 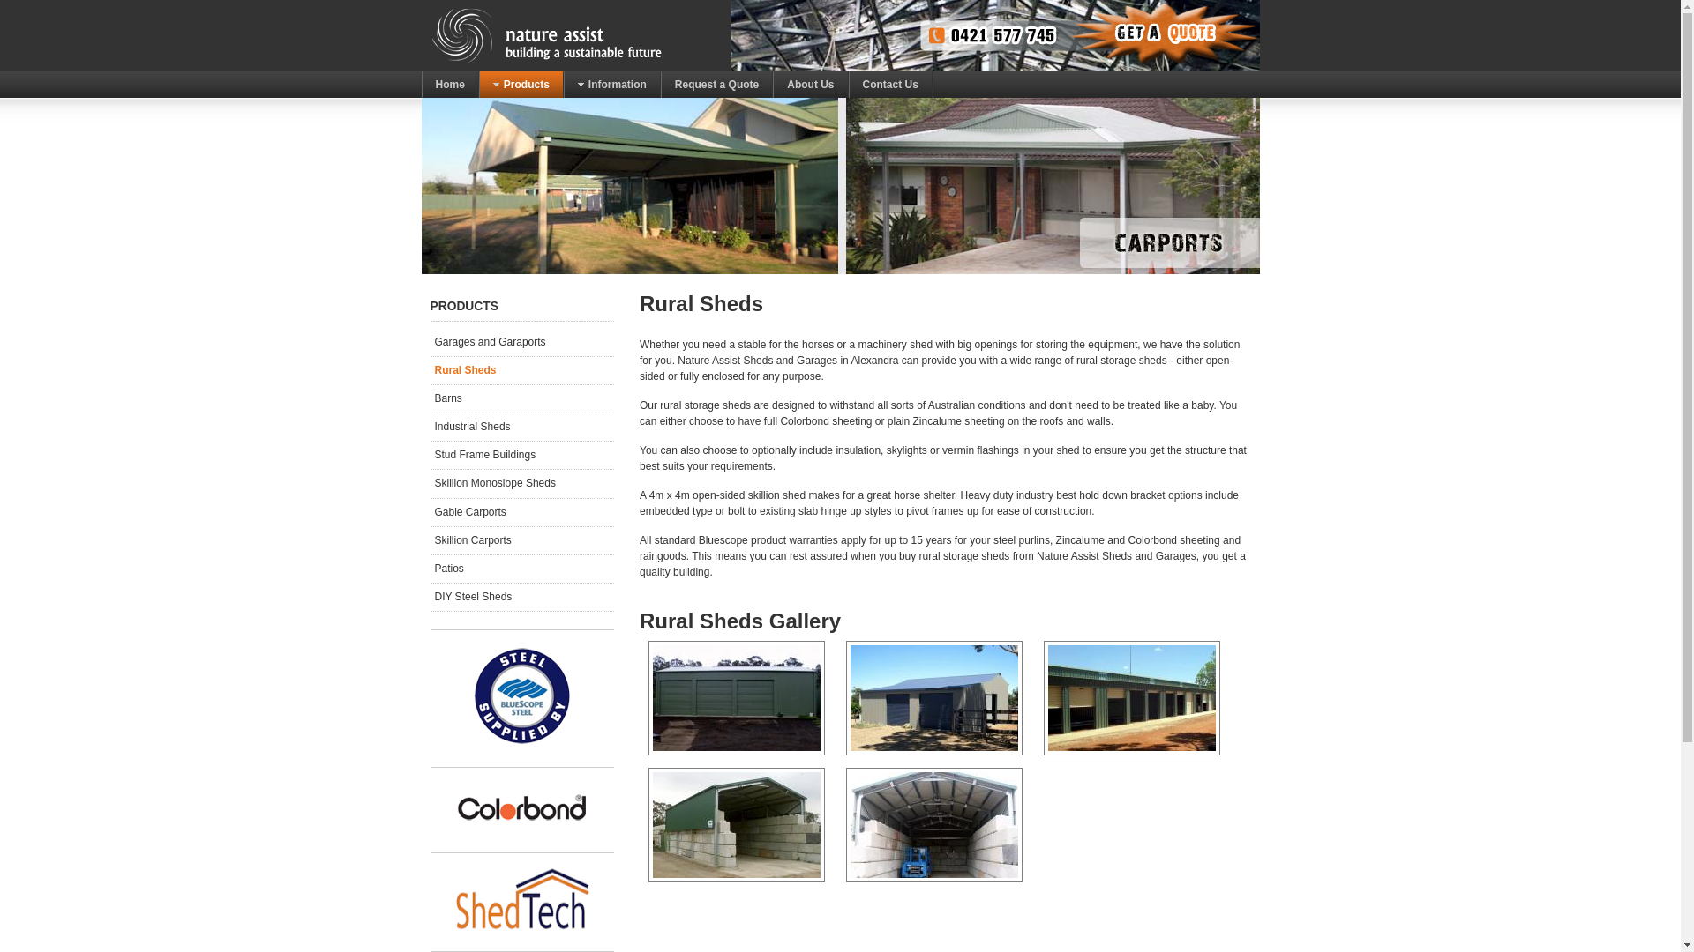 I want to click on 'Rural Sheds', so click(x=431, y=369).